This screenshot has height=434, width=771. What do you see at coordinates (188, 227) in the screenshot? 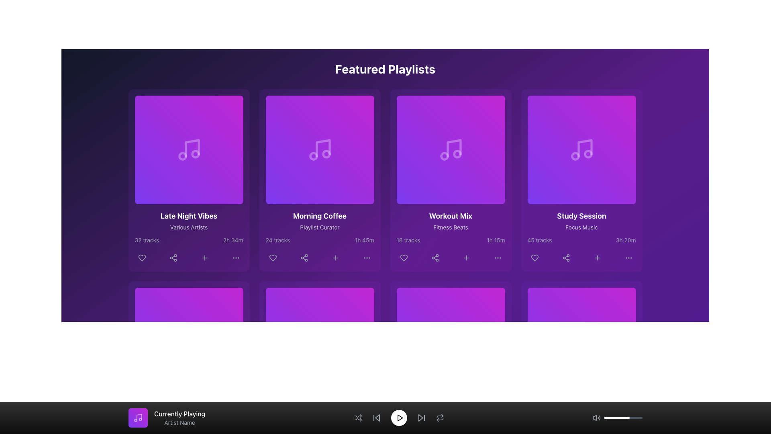
I see `the text label that reads 'Various Artists' which is centrally aligned below the 'Late Night Vibes' text in the music playlist card` at bounding box center [188, 227].